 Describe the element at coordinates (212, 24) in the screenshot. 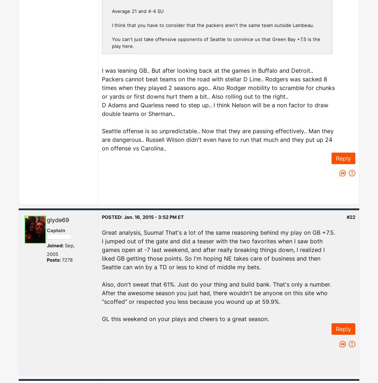

I see `'I think that you have to consider that the packers aren't the same team outside Lambeau.'` at that location.